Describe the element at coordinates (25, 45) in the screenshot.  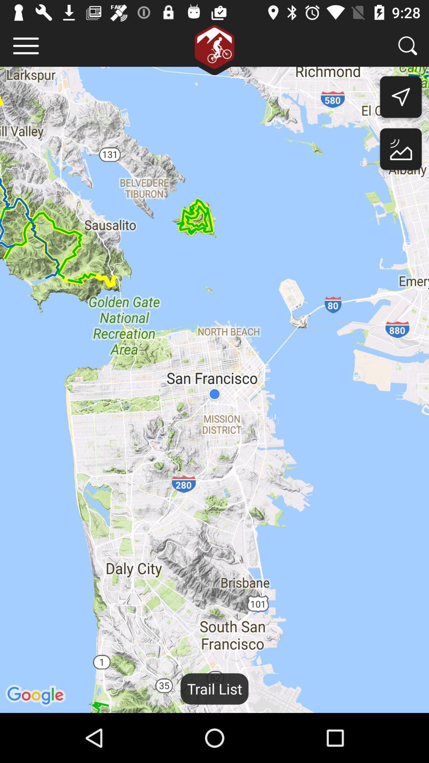
I see `menu` at that location.